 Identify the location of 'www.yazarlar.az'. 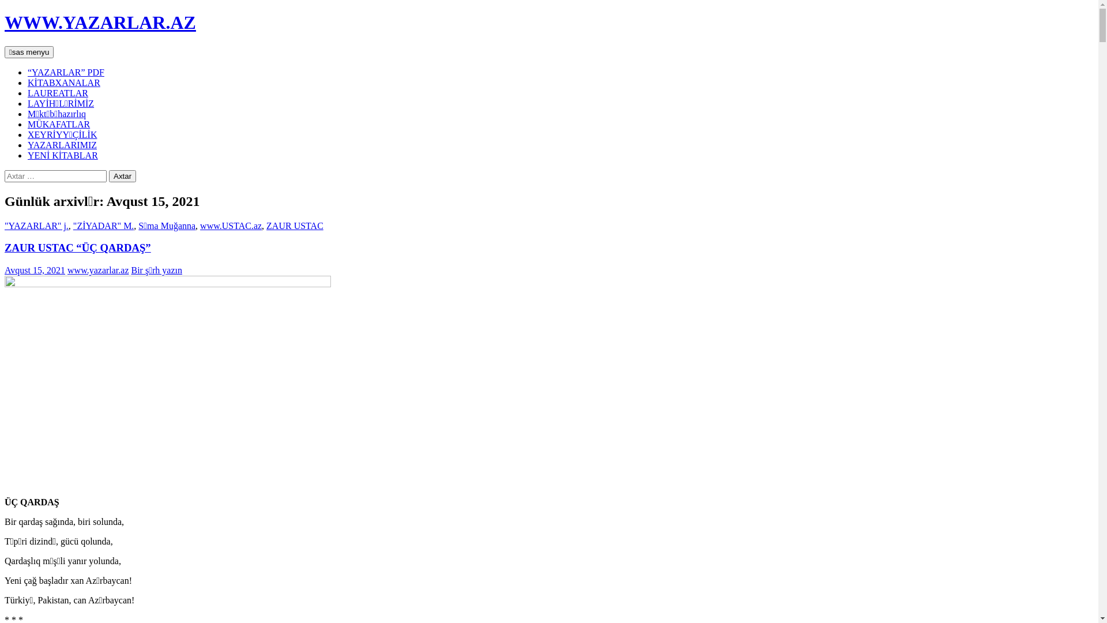
(97, 270).